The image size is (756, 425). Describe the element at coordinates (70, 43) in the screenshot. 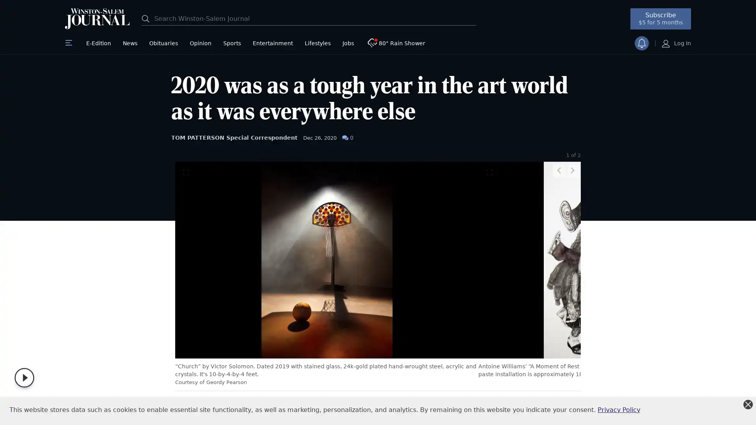

I see `Main Menu` at that location.